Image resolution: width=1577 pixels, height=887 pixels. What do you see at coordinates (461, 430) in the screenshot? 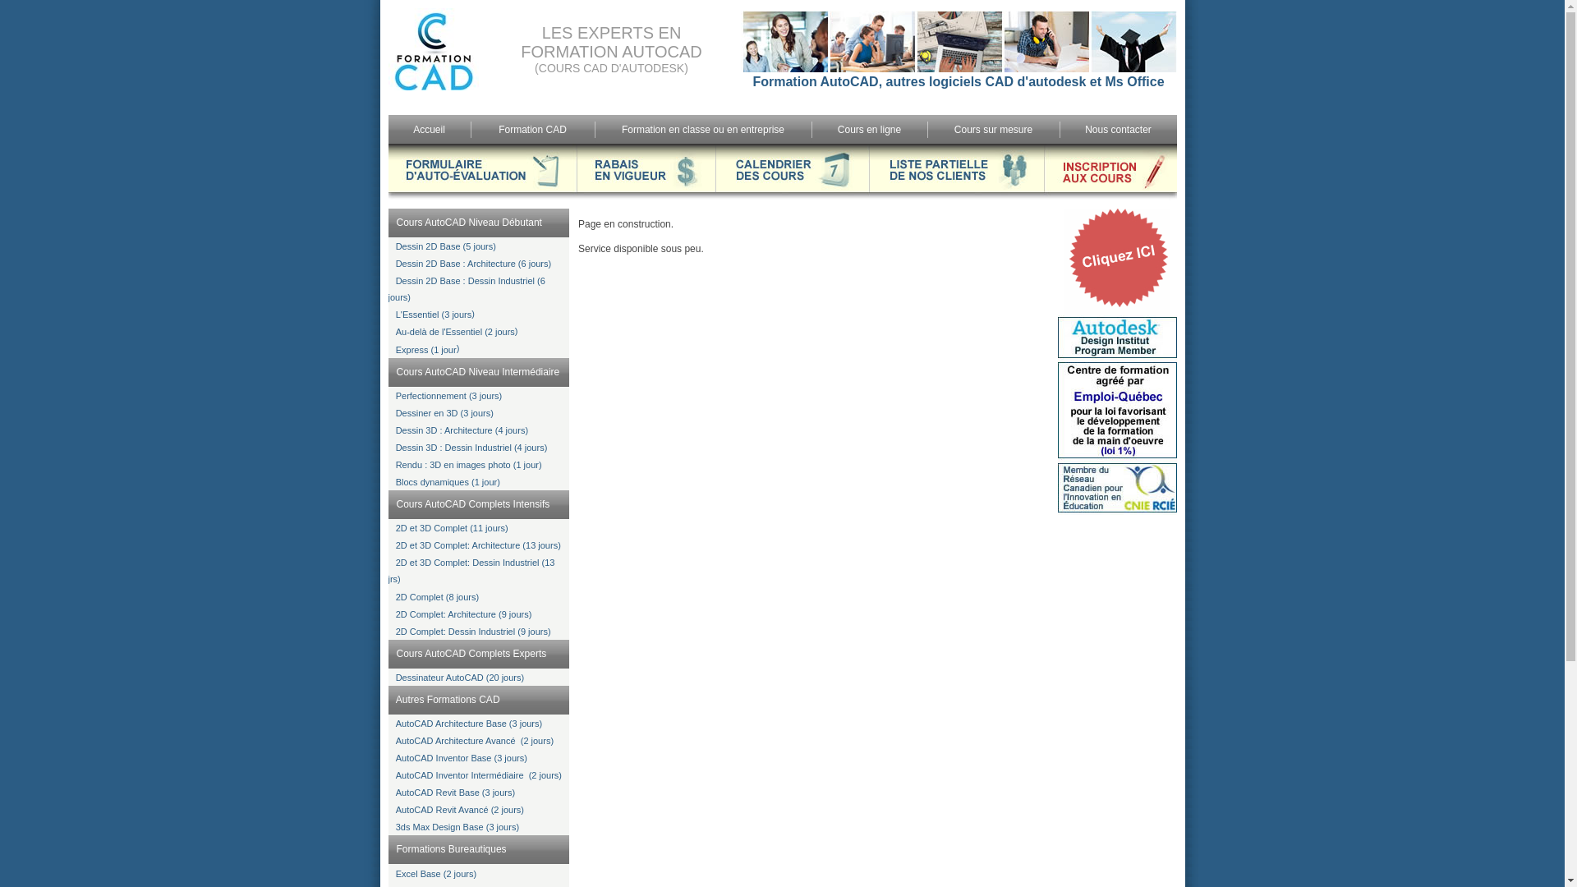
I see `'Dessin 3D : Architecture (4 jours)'` at bounding box center [461, 430].